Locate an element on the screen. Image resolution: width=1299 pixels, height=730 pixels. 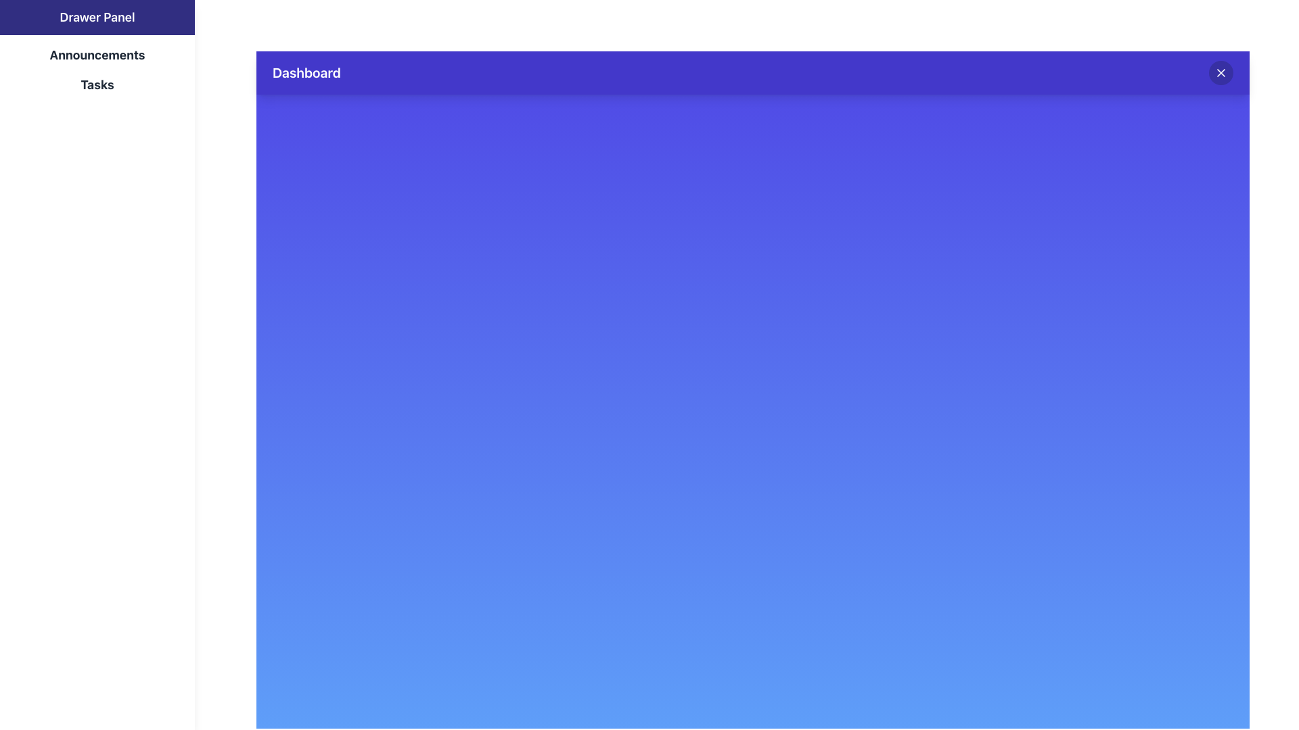
the circular button icon depicting a cross or 'X' sign with rounded lines located at the top-right corner of the header section is located at coordinates (1221, 73).